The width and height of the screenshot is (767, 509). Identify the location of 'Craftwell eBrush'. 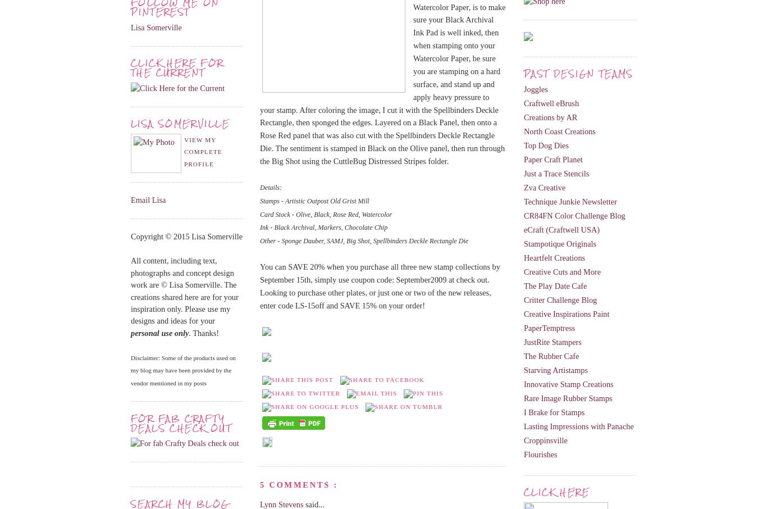
(551, 103).